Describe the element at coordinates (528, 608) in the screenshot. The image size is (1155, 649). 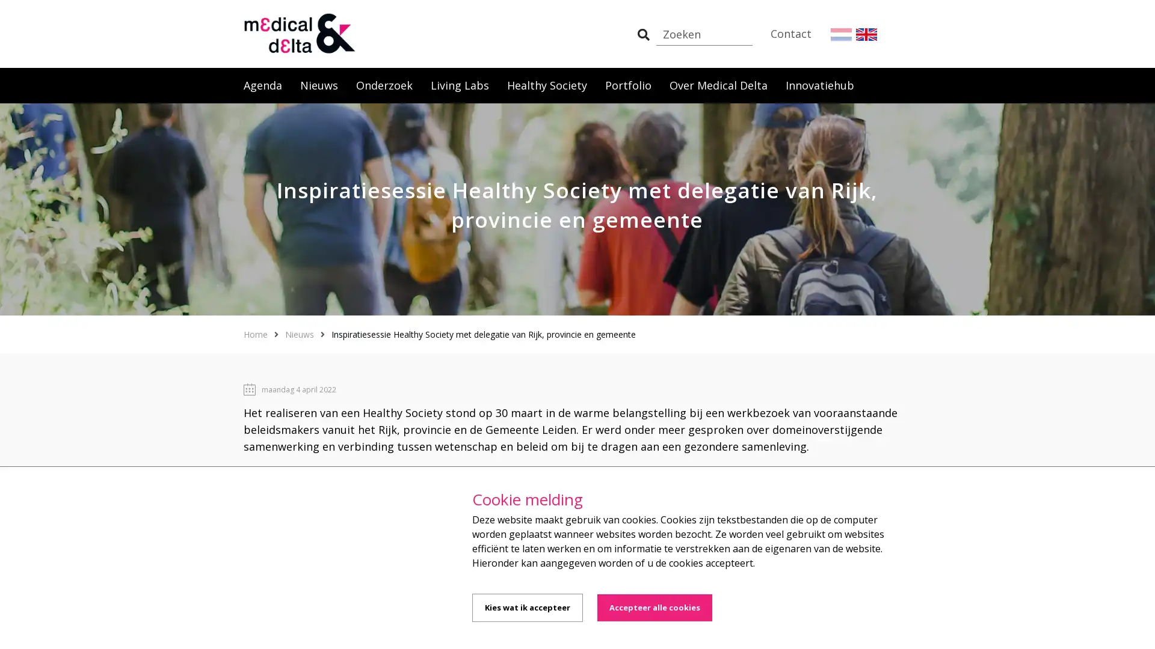
I see `Kies wat ik accepteer` at that location.